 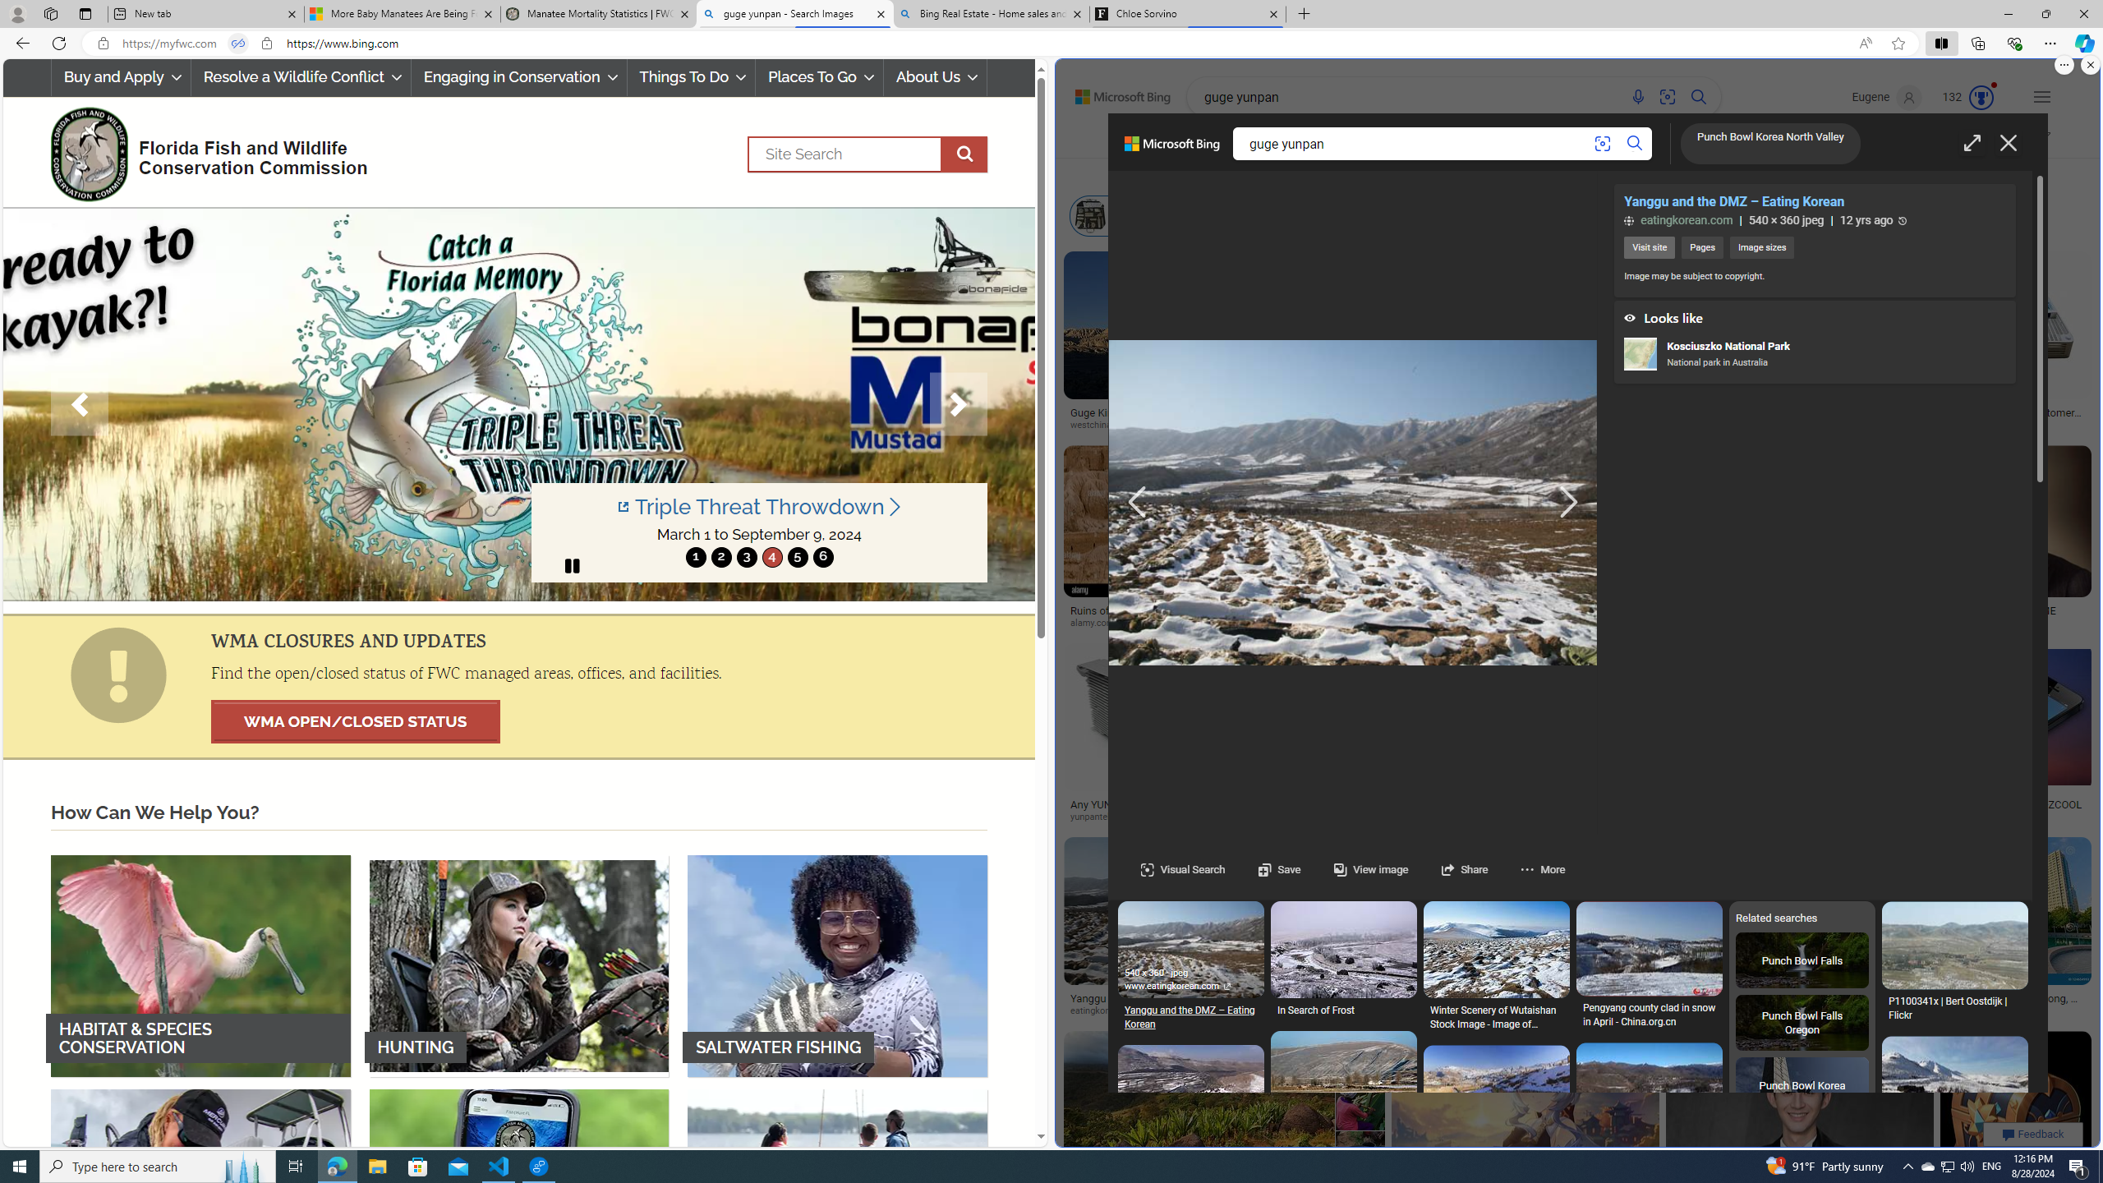 I want to click on 'Pages', so click(x=1701, y=246).